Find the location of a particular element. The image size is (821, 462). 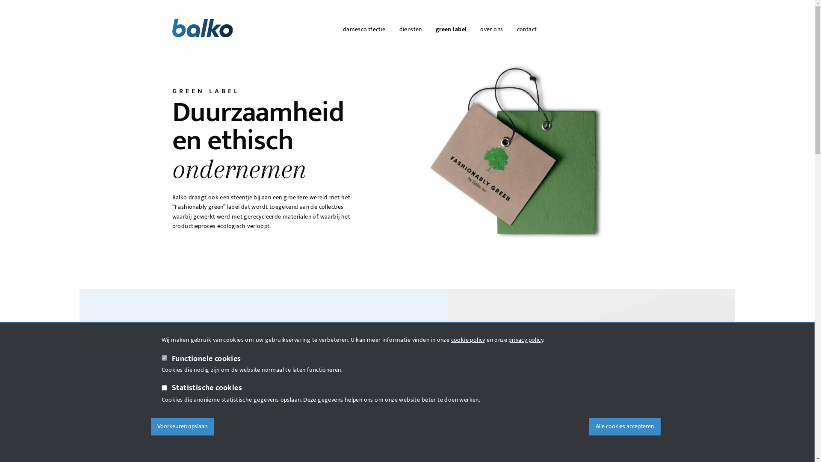

'green label' is located at coordinates (451, 29).